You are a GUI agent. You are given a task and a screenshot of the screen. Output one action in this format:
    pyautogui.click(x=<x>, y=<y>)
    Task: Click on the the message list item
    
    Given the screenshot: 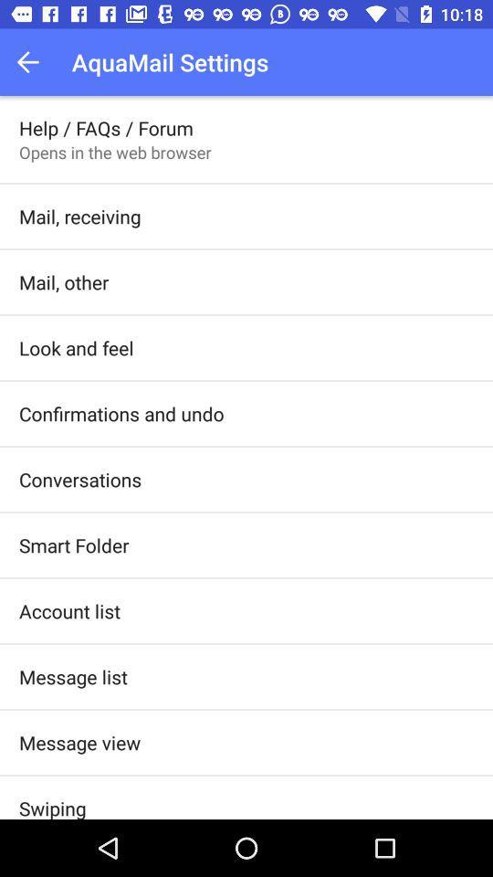 What is the action you would take?
    pyautogui.click(x=72, y=676)
    